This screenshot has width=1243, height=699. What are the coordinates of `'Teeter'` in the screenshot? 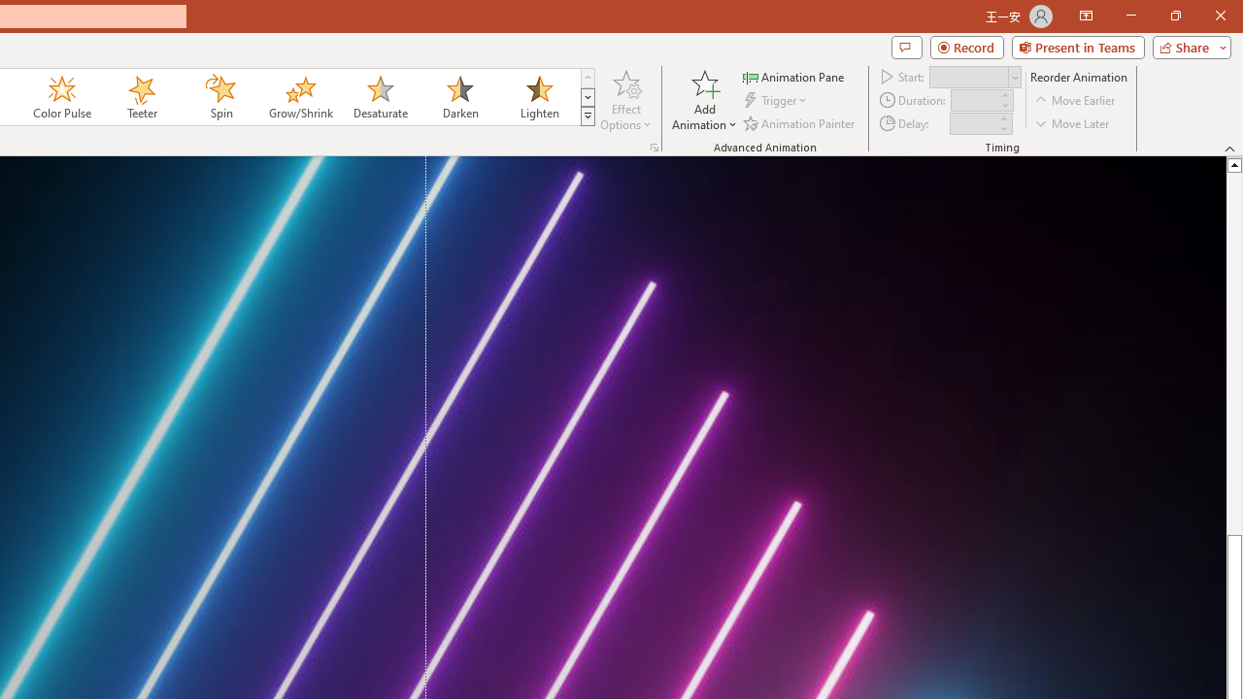 It's located at (140, 97).